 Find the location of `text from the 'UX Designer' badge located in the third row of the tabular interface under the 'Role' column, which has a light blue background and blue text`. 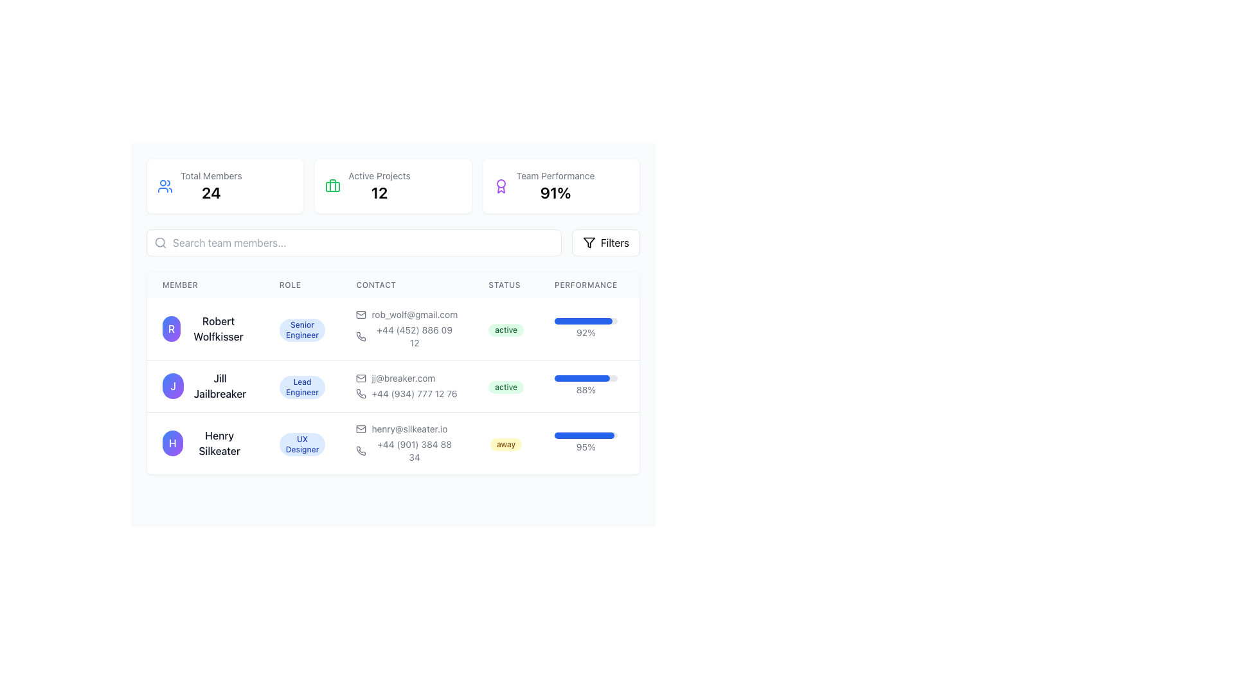

text from the 'UX Designer' badge located in the third row of the tabular interface under the 'Role' column, which has a light blue background and blue text is located at coordinates (301, 443).